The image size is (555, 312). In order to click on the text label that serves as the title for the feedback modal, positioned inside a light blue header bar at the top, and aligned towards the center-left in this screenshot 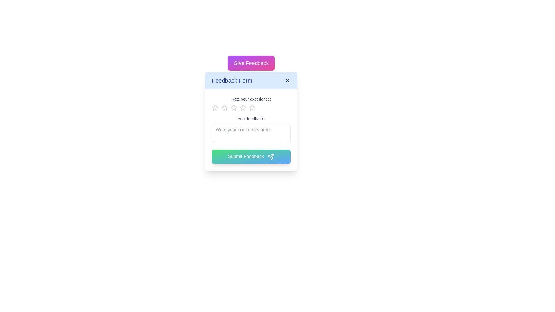, I will do `click(232, 80)`.